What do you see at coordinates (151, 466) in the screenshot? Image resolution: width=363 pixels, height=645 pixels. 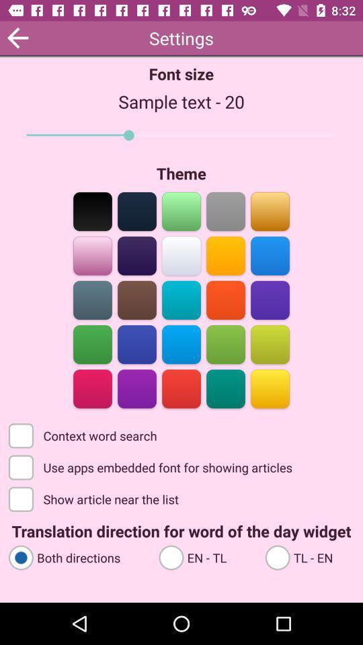 I see `the item below the context word search item` at bounding box center [151, 466].